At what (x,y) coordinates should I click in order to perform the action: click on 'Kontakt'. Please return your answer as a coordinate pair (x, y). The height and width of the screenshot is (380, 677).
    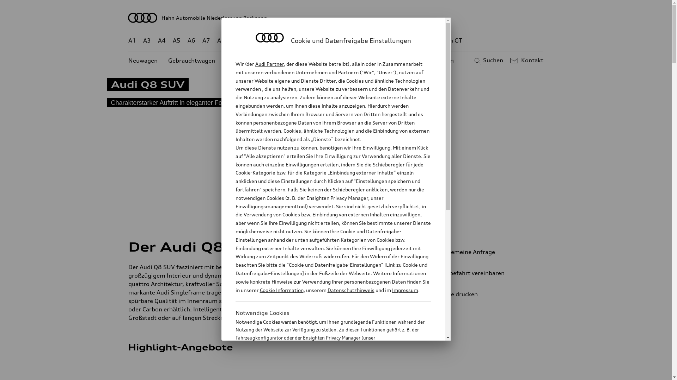
    Looking at the image, I should click on (526, 60).